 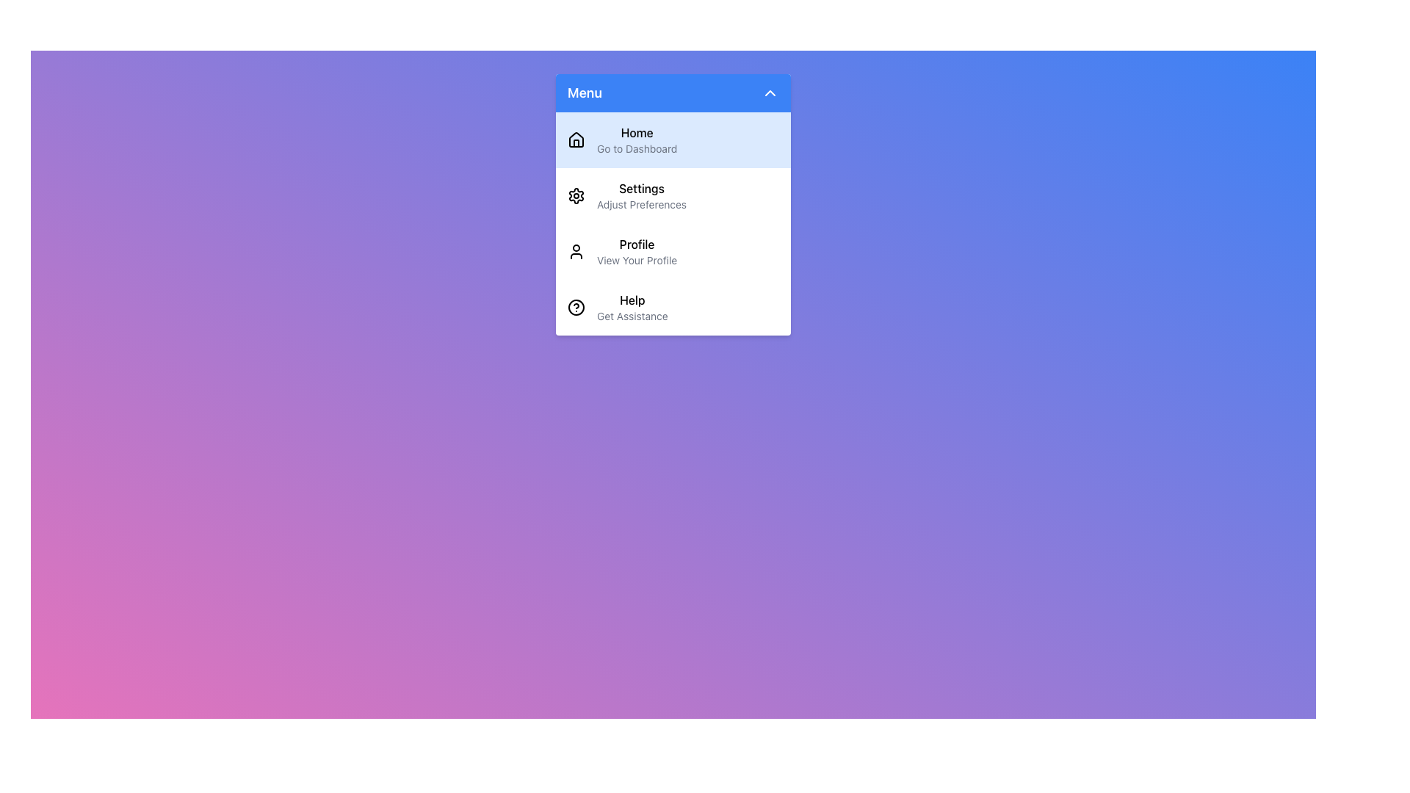 What do you see at coordinates (672, 251) in the screenshot?
I see `the third menu option item that allows users to navigate to their profile, positioned between 'Settings' and 'Help'` at bounding box center [672, 251].